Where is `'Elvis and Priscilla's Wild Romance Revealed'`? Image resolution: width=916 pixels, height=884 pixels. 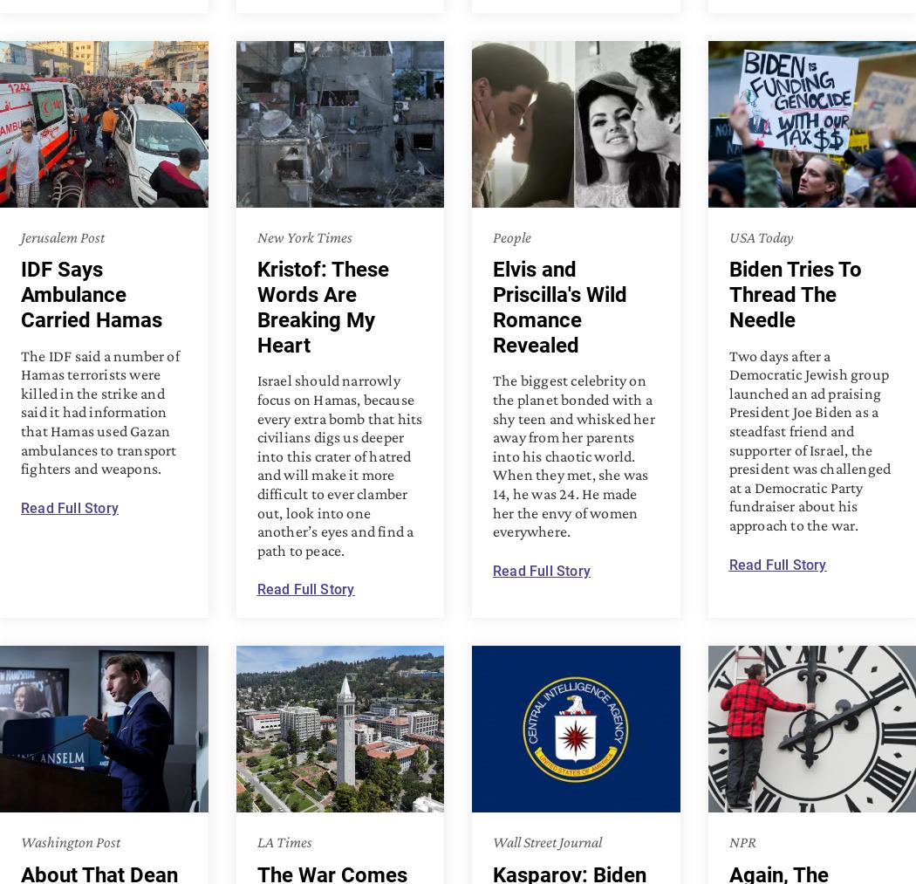
'Elvis and Priscilla's Wild Romance Revealed' is located at coordinates (558, 307).